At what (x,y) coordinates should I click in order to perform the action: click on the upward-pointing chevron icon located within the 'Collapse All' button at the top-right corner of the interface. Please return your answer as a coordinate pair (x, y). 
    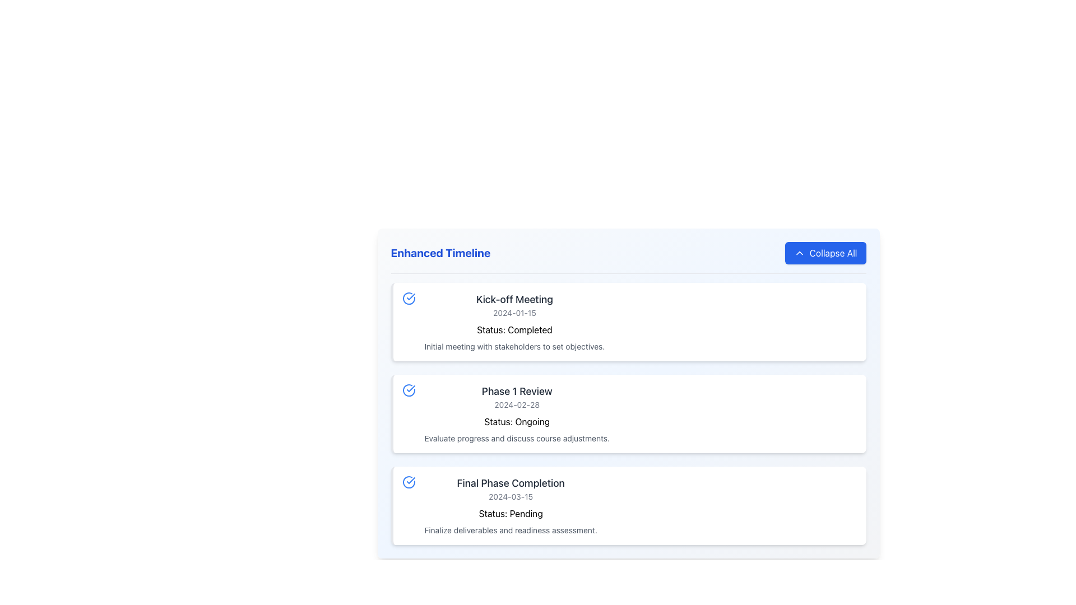
    Looking at the image, I should click on (799, 253).